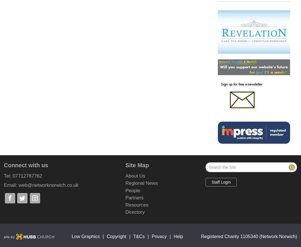  I want to click on 'web@networknorwich.co.uk', so click(48, 185).